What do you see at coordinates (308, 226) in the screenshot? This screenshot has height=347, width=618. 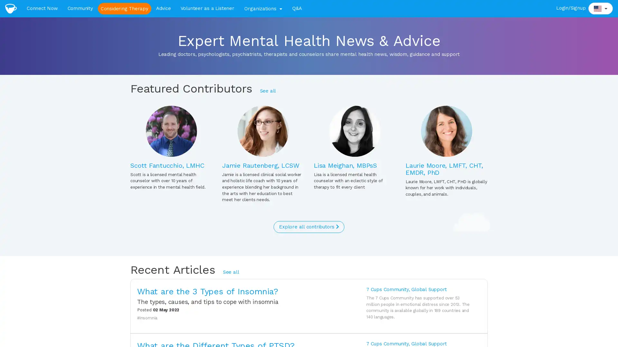 I see `Explore all contributors` at bounding box center [308, 226].